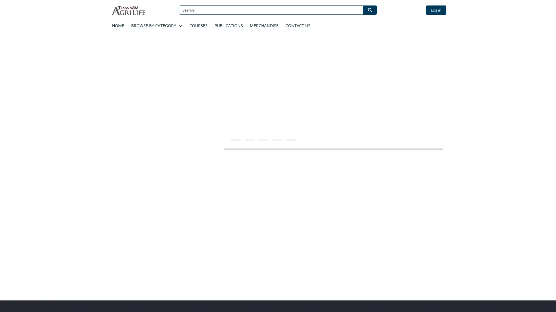 The image size is (556, 312). What do you see at coordinates (171, 117) in the screenshot?
I see `Prescribed Burn School Detail Image 0. Click to expand image` at bounding box center [171, 117].